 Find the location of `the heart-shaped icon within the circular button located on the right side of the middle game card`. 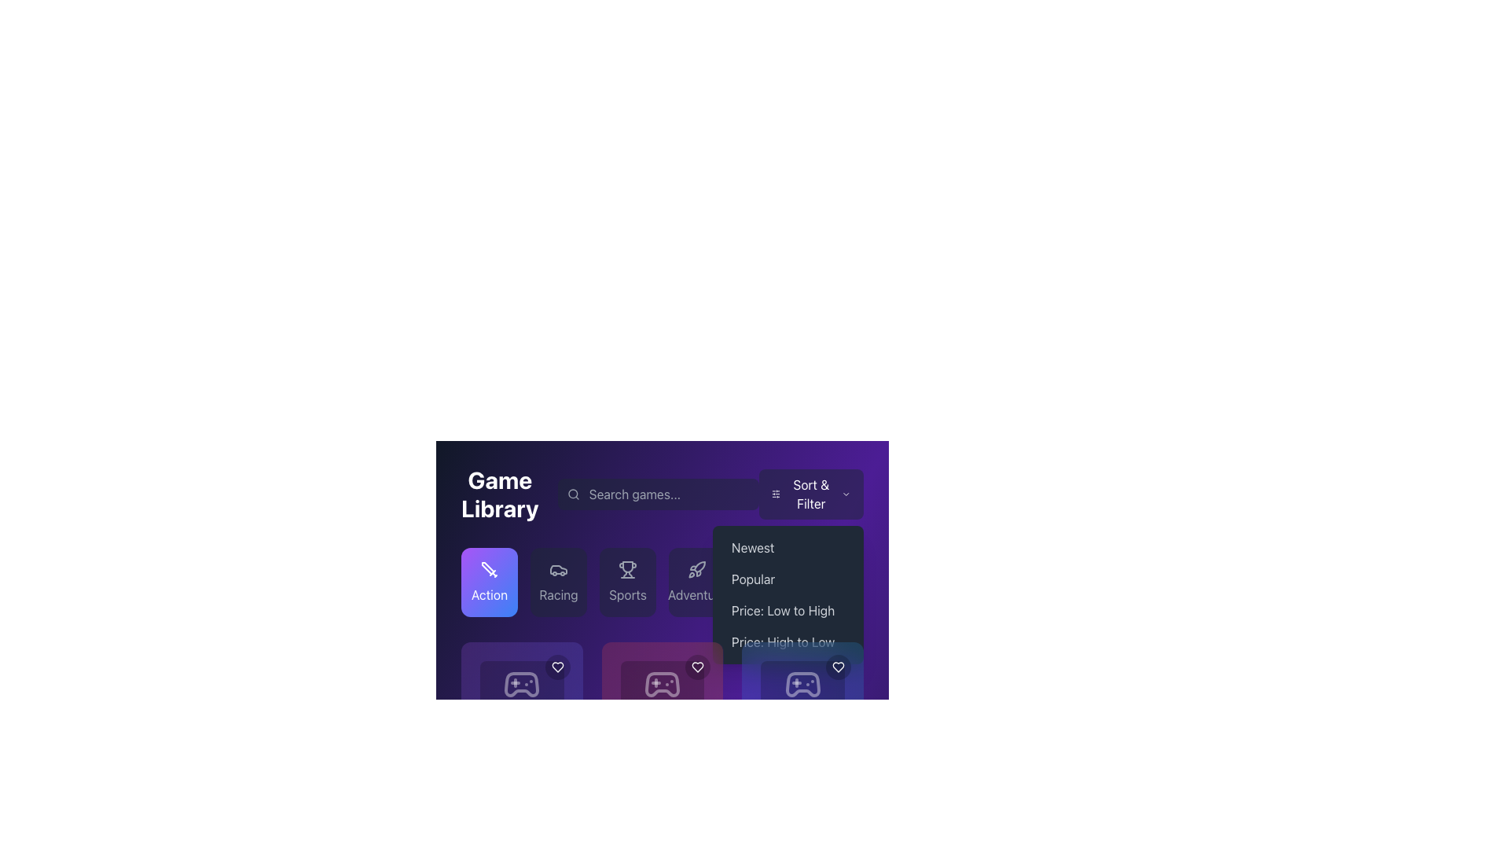

the heart-shaped icon within the circular button located on the right side of the middle game card is located at coordinates (697, 667).